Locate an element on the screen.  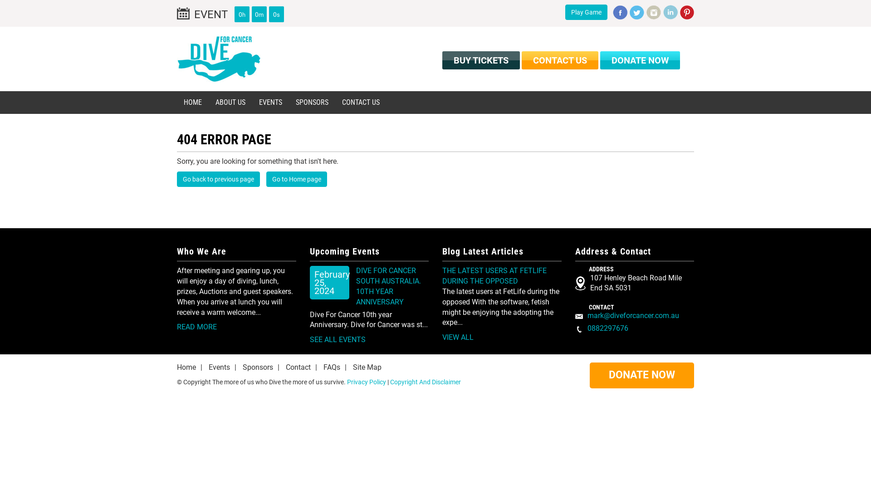
'SEE ALL EVENTS' is located at coordinates (337, 339).